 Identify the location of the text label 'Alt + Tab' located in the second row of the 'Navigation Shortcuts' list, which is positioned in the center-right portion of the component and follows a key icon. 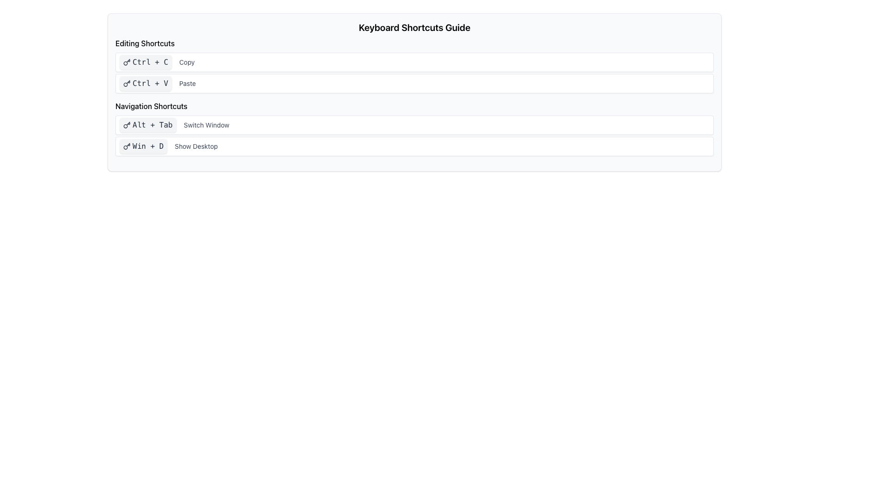
(152, 125).